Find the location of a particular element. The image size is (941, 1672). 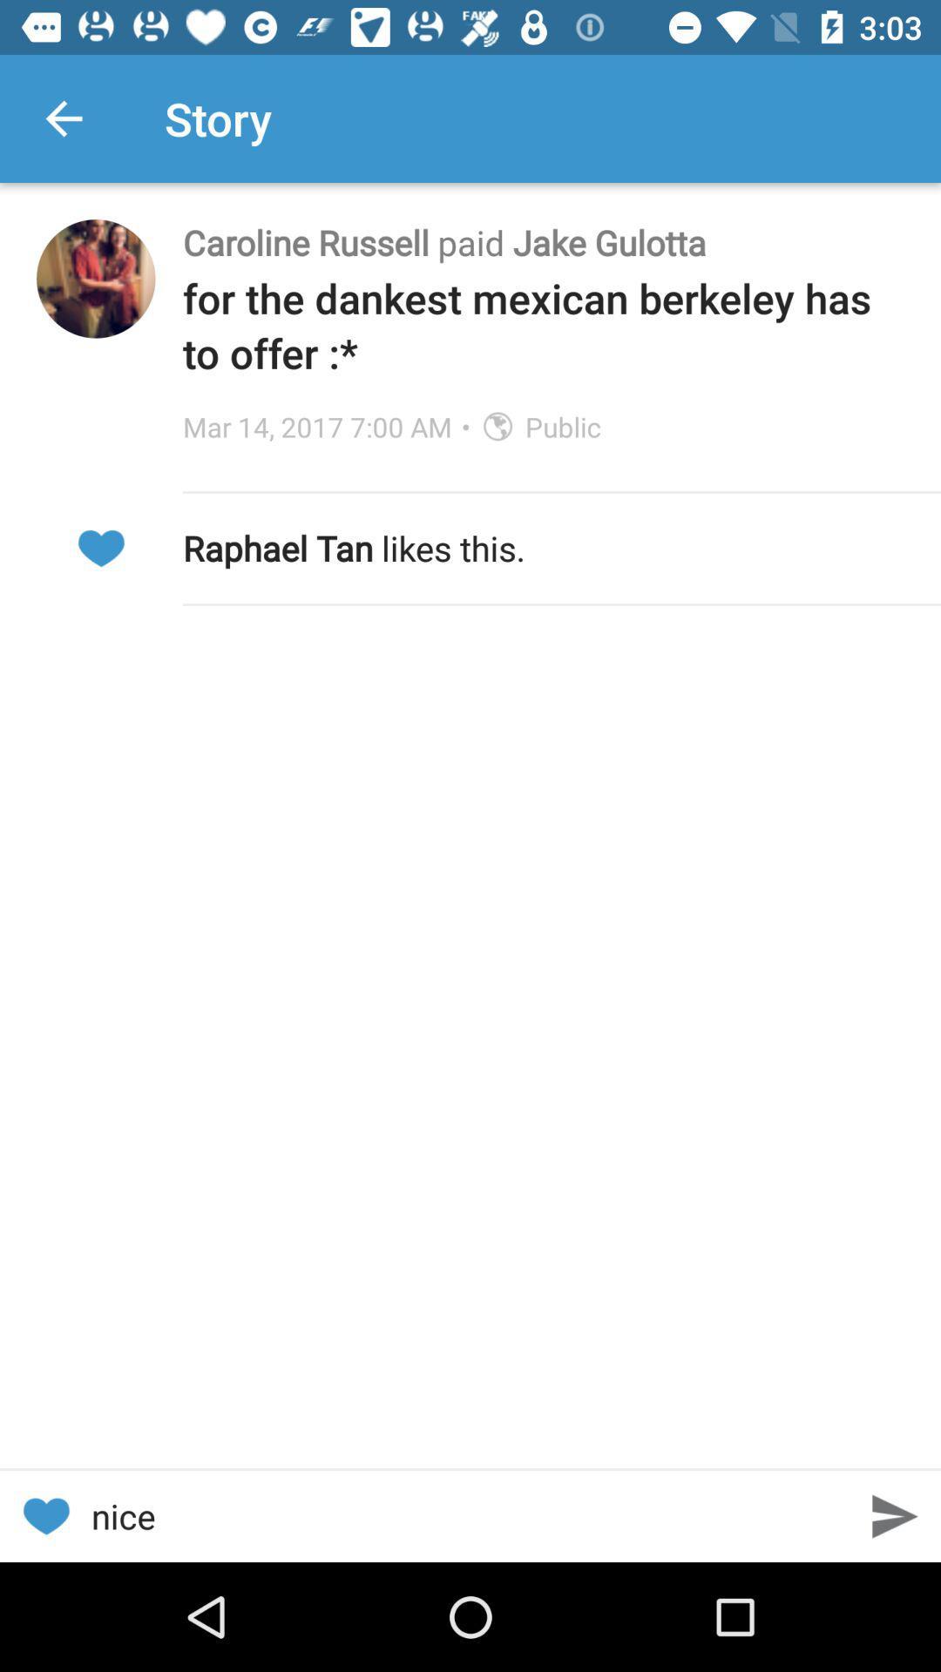

the item at the bottom right corner is located at coordinates (895, 1515).